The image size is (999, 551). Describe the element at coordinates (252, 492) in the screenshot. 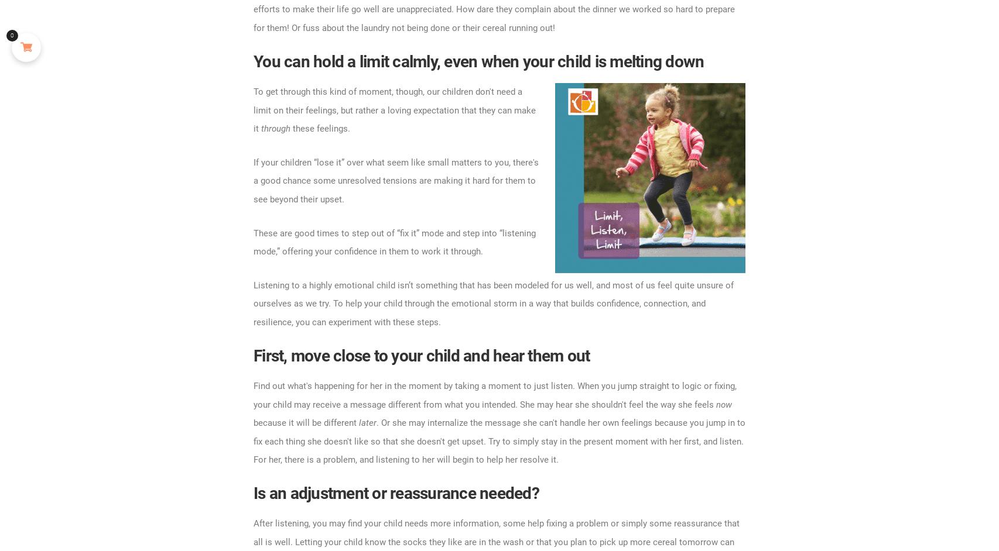

I see `'Is an adjustment or reassurance needed?'` at that location.